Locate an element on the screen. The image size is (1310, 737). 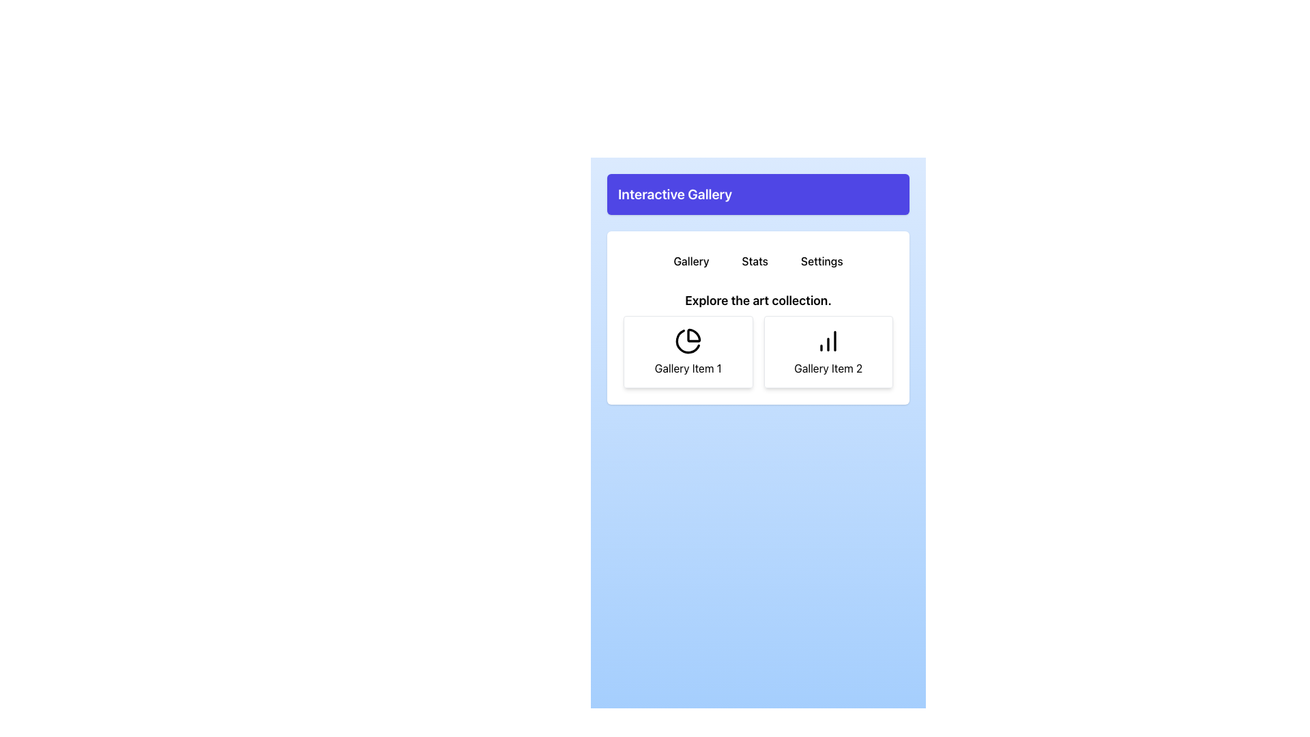
the selectable card labeled 'Gallery Item 2' which is the second item in the grid layout, featuring a bar chart icon and a white background with rounded corners is located at coordinates (828, 351).